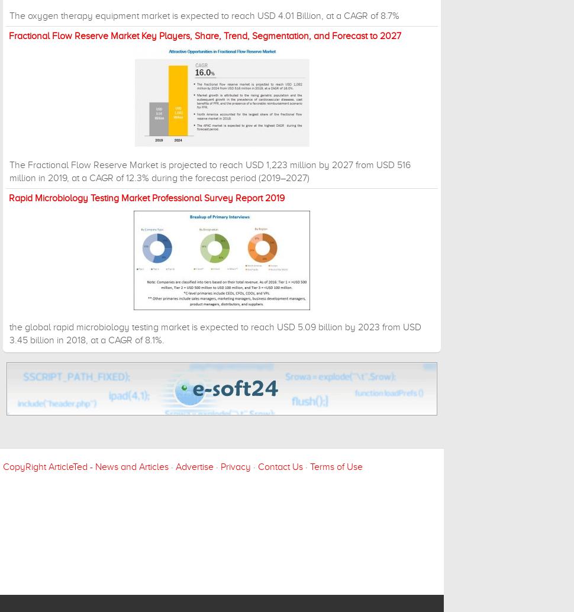 This screenshot has height=612, width=574. What do you see at coordinates (176, 466) in the screenshot?
I see `'Advertise'` at bounding box center [176, 466].